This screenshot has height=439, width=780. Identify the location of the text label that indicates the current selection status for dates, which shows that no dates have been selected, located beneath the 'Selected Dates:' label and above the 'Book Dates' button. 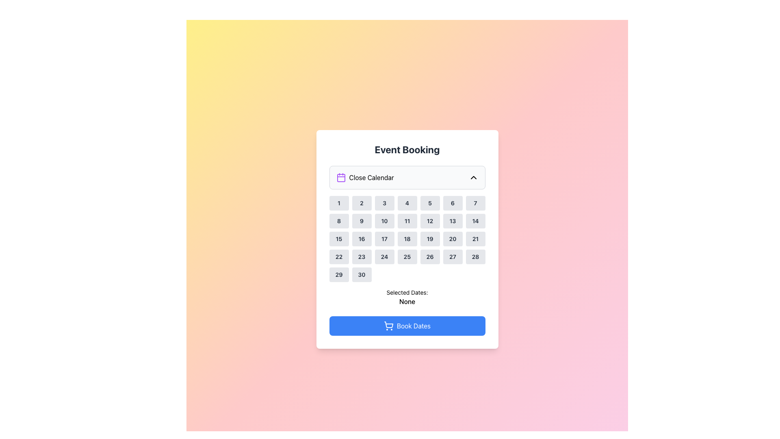
(407, 301).